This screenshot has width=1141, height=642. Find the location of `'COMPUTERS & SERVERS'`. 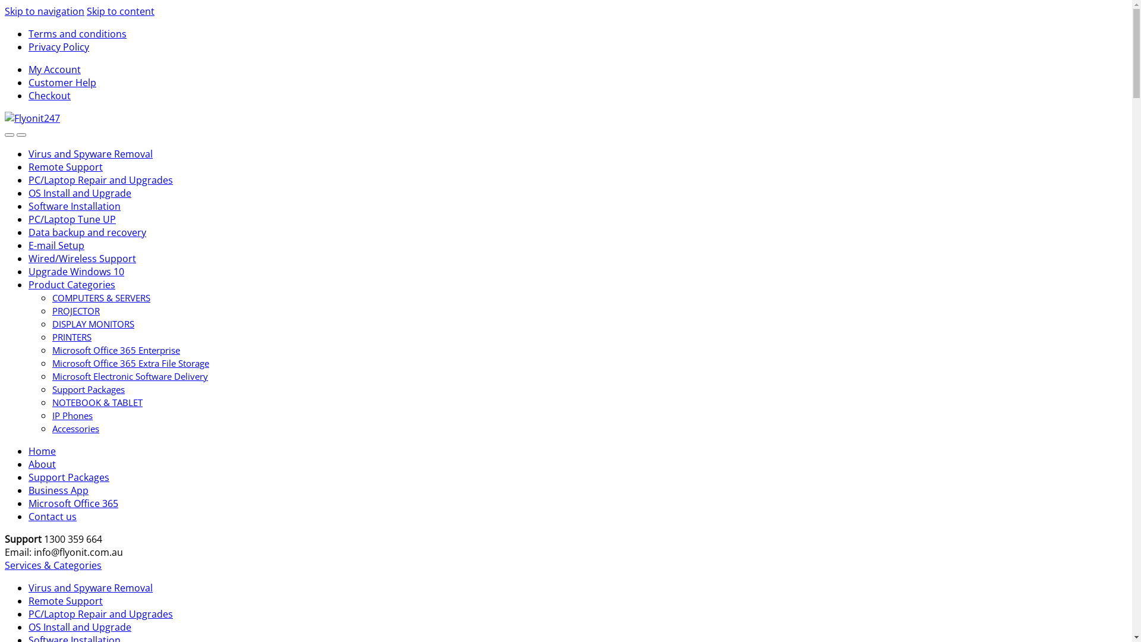

'COMPUTERS & SERVERS' is located at coordinates (101, 297).